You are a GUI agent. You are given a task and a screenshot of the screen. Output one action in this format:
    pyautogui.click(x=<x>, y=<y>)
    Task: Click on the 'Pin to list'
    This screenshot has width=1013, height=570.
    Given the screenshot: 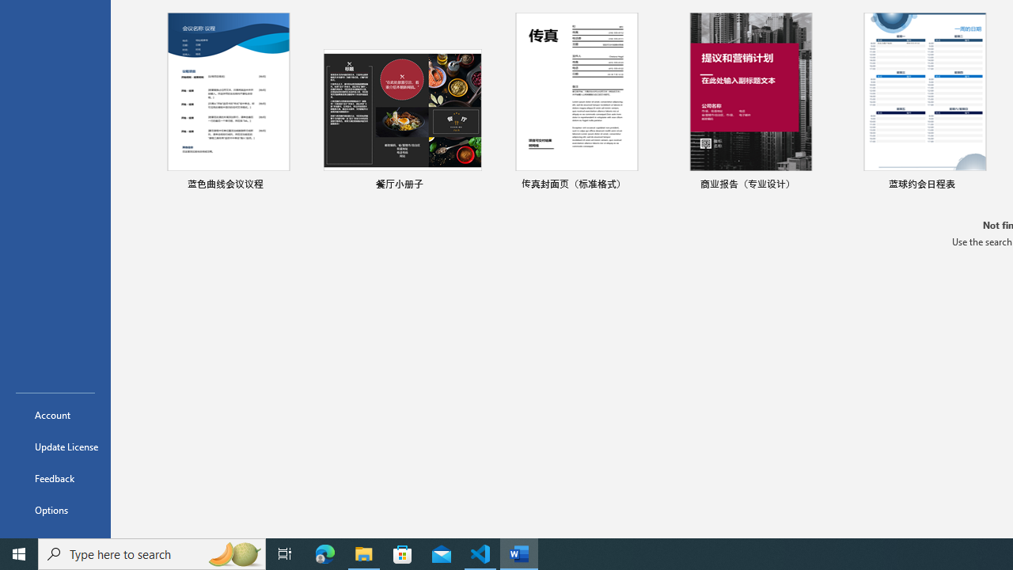 What is the action you would take?
    pyautogui.click(x=992, y=185)
    